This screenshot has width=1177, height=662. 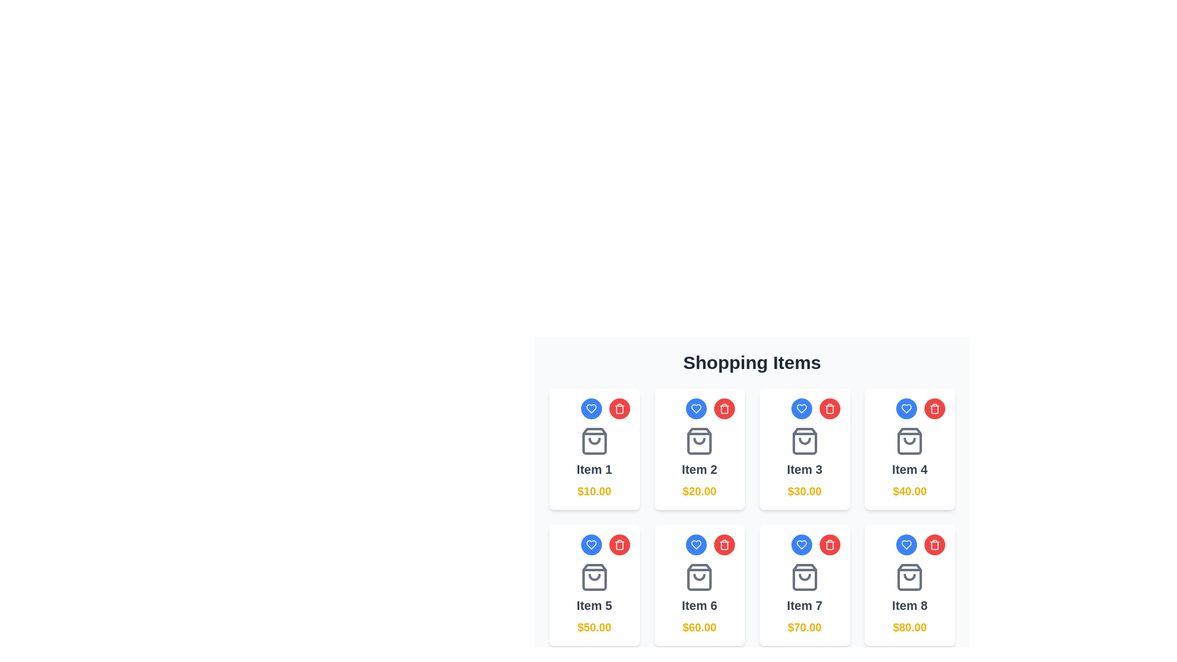 I want to click on the blue heart-shaped icon located above the item's image in its card to mark the item as favorite, so click(x=591, y=544).